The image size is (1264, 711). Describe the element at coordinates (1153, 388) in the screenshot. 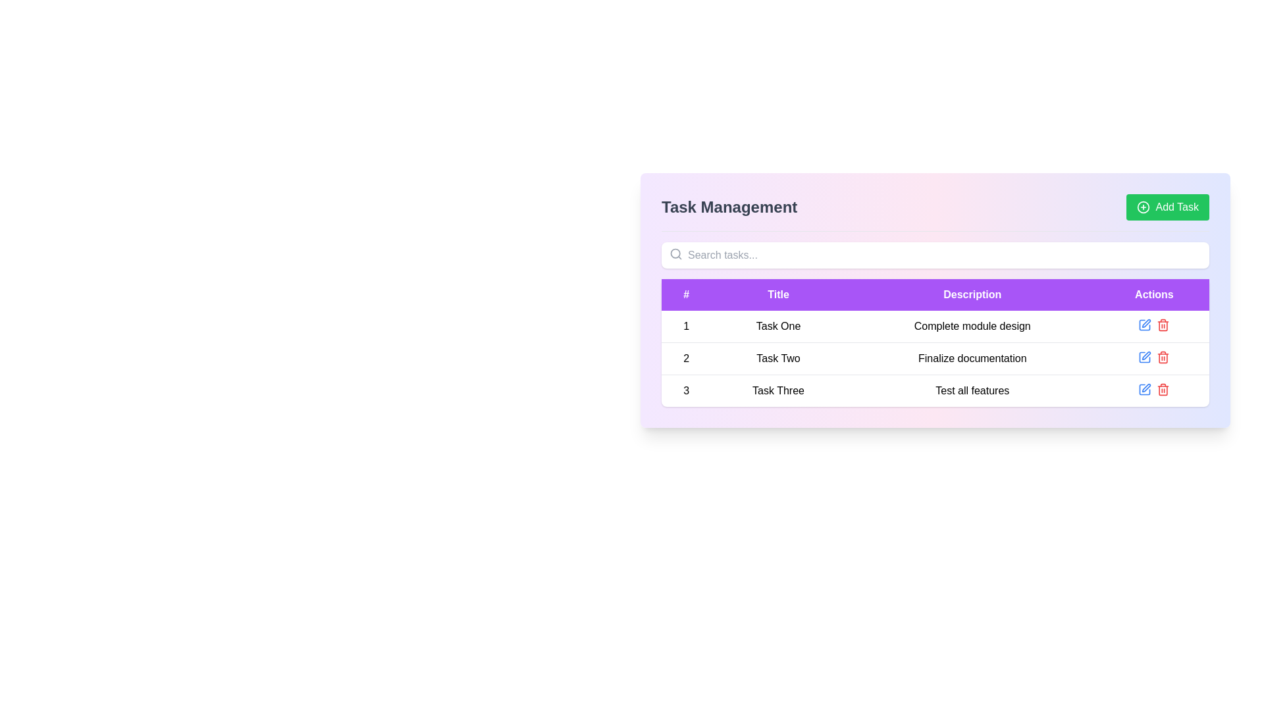

I see `the red delete icon located in the rightmost column of the third row under the 'Actions' header to confirm the deletion of the task 'Test all features.'` at that location.